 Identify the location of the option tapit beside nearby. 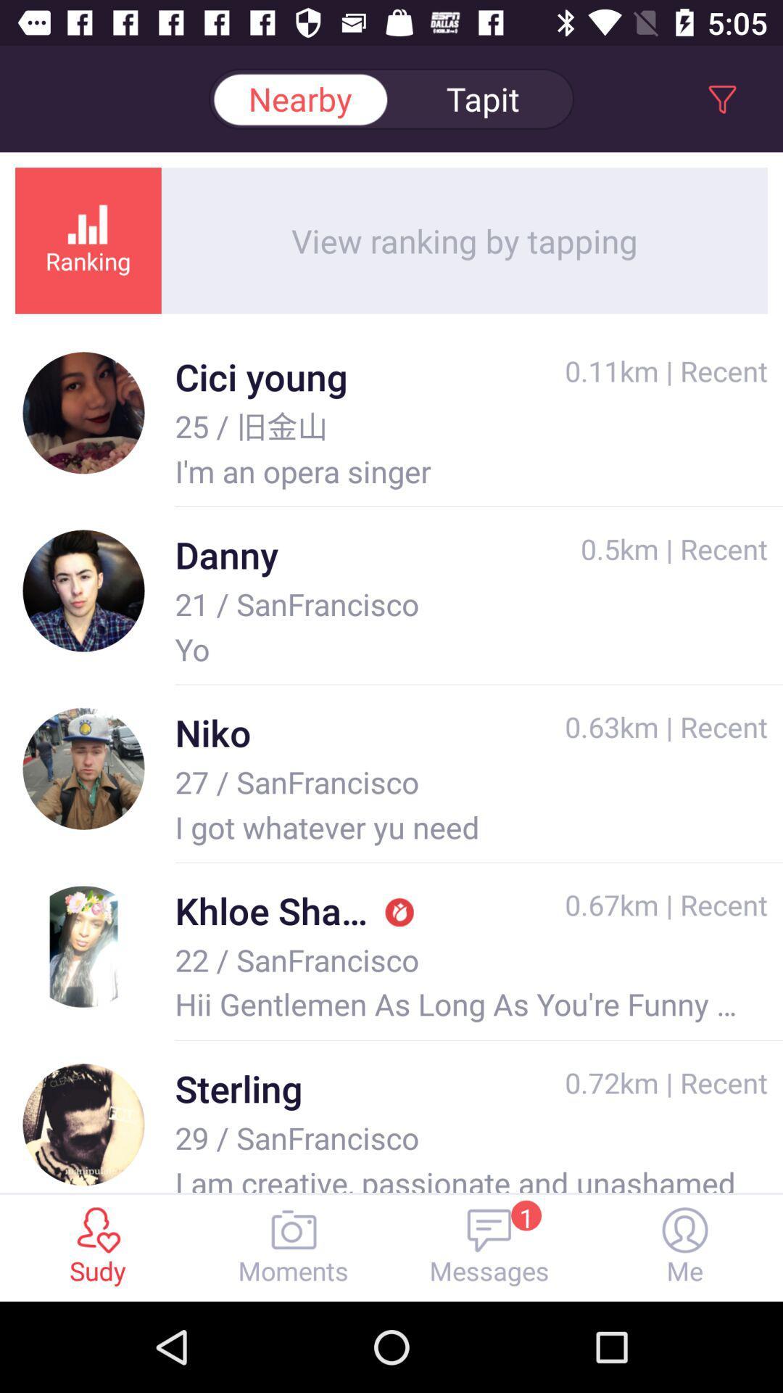
(483, 99).